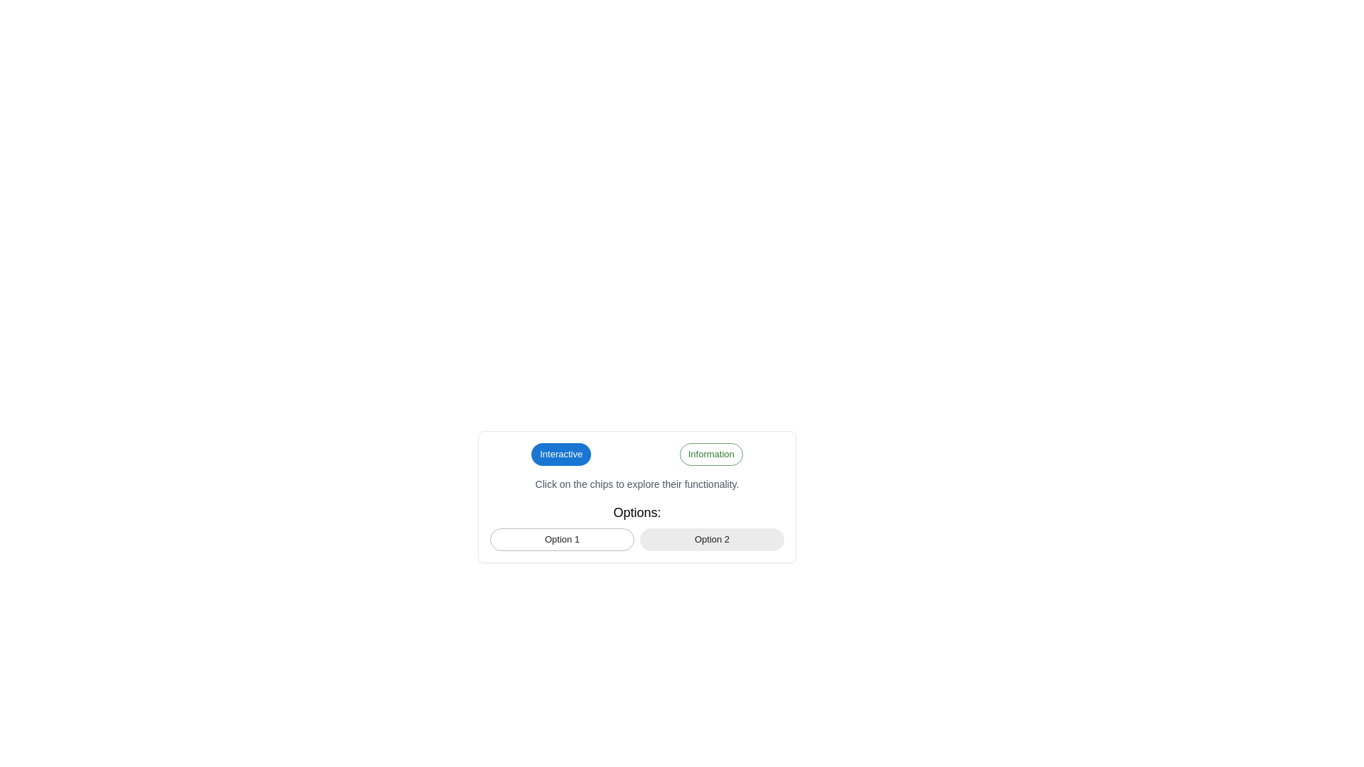 The width and height of the screenshot is (1364, 767). What do you see at coordinates (561, 539) in the screenshot?
I see `the first chip labeled 'Option 1'` at bounding box center [561, 539].